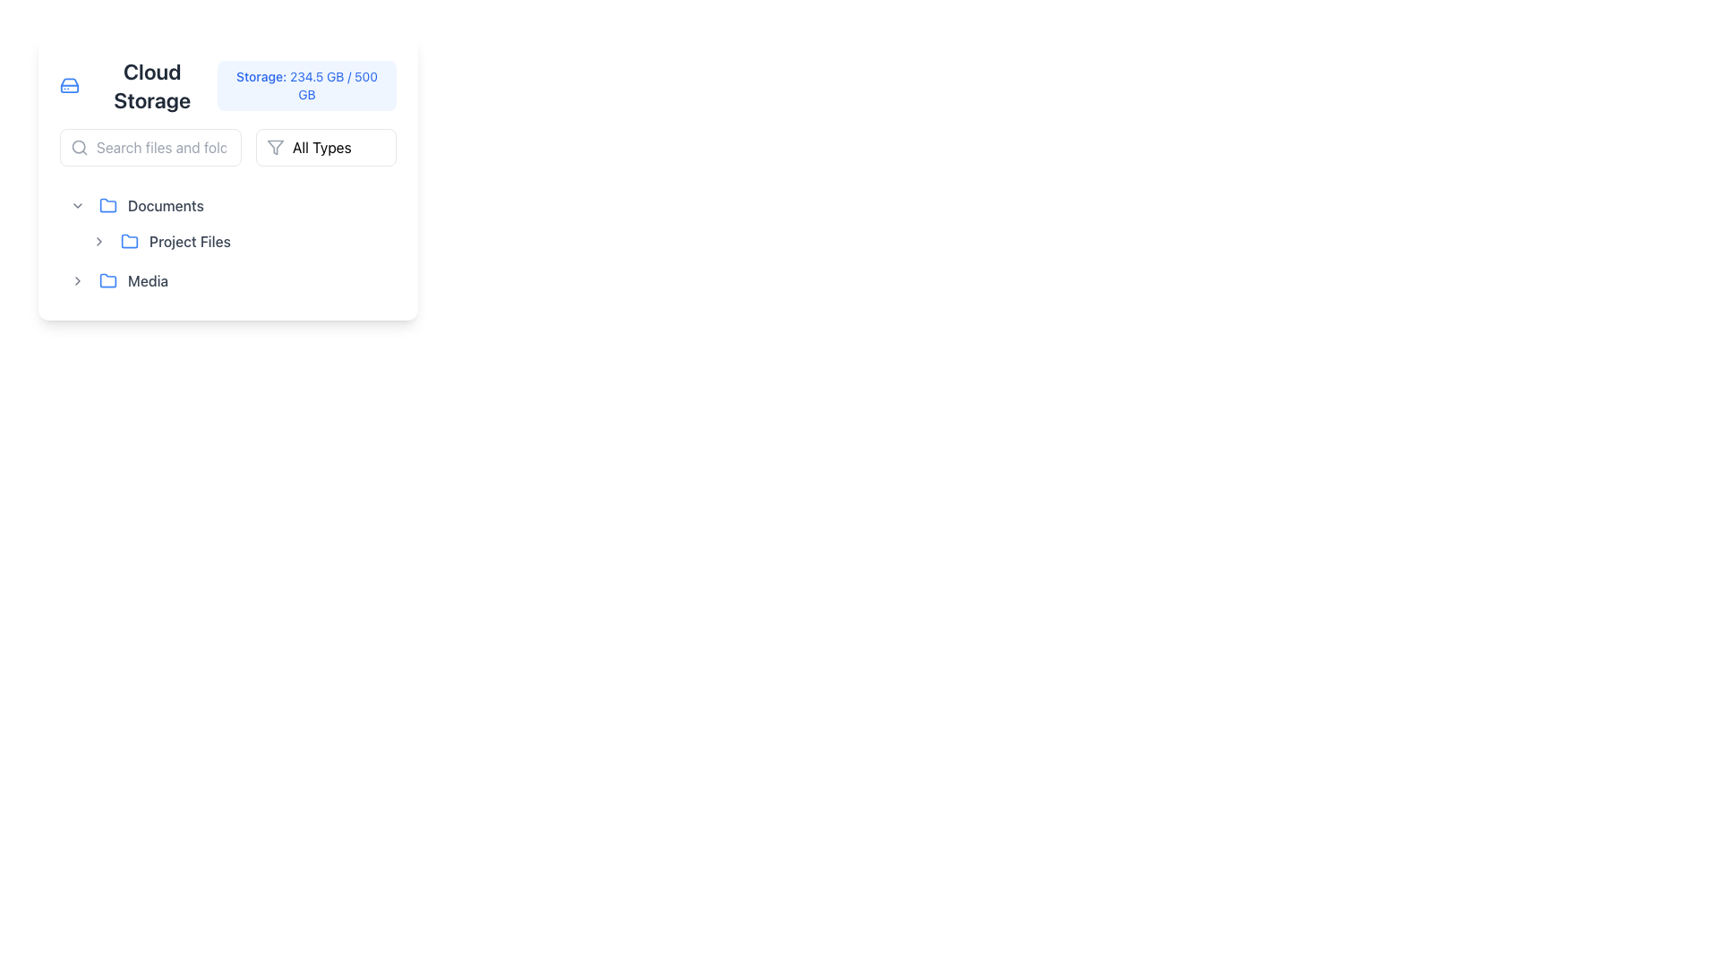 Image resolution: width=1719 pixels, height=967 pixels. Describe the element at coordinates (169, 242) in the screenshot. I see `the 'Project Files' text in the collapsible menu` at that location.